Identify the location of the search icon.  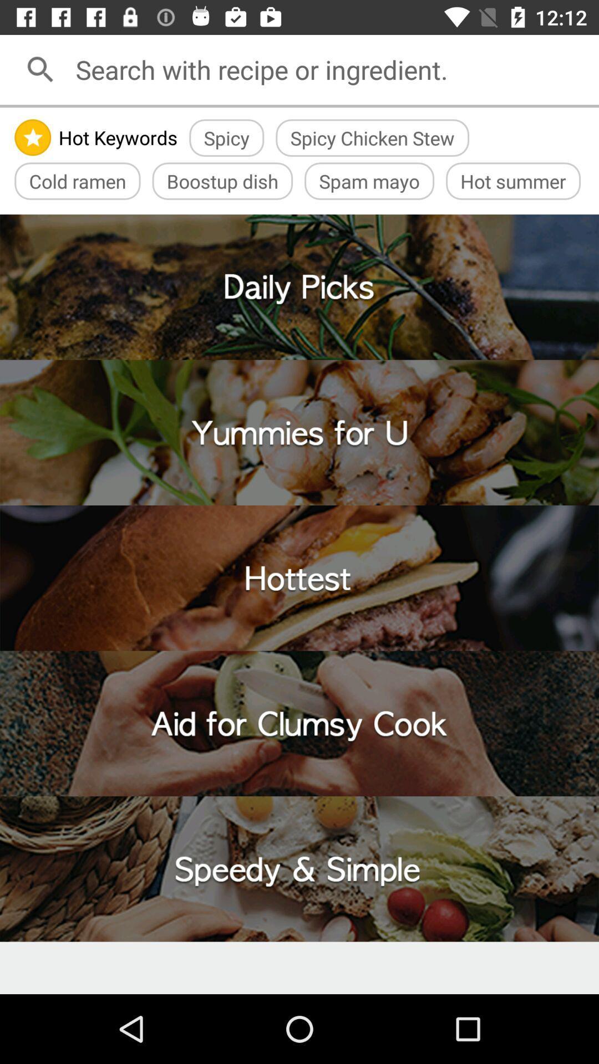
(40, 69).